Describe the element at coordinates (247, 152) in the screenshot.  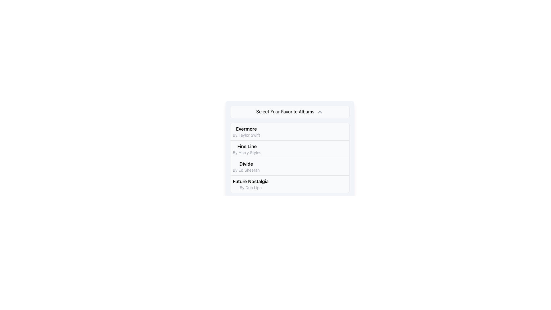
I see `text label indicating the artist of the album 'Fine Line', which is positioned below the album title in the vertical item list` at that location.